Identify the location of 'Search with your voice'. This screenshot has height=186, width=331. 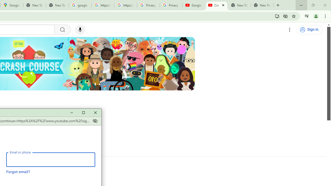
(80, 30).